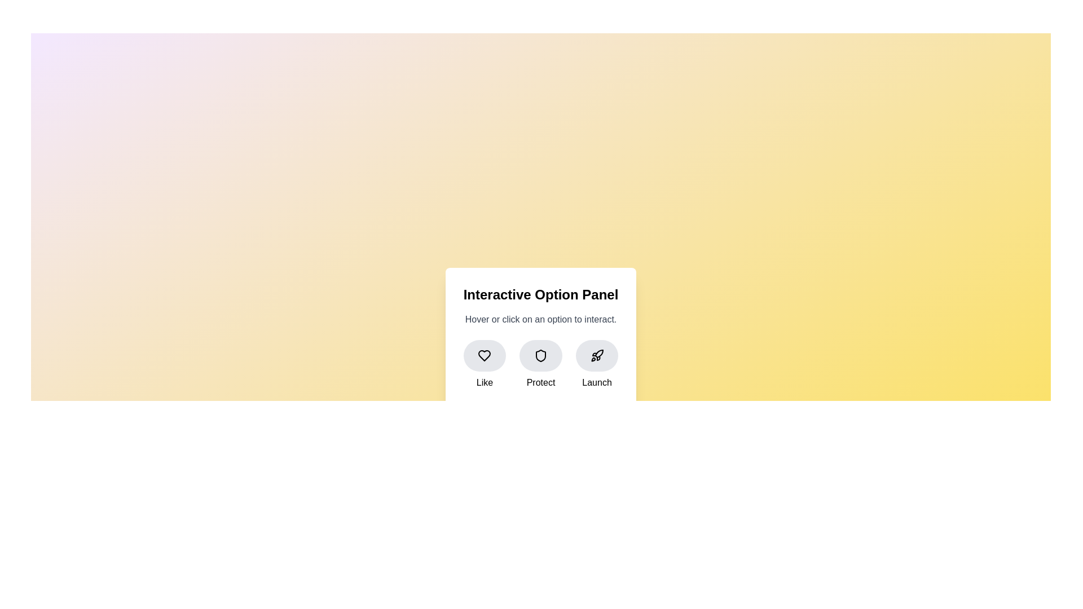 The height and width of the screenshot is (609, 1083). I want to click on the 'Interactive Option Panel' to interact with the options presented, including 'Like', 'Protect', and 'Launch', so click(540, 337).